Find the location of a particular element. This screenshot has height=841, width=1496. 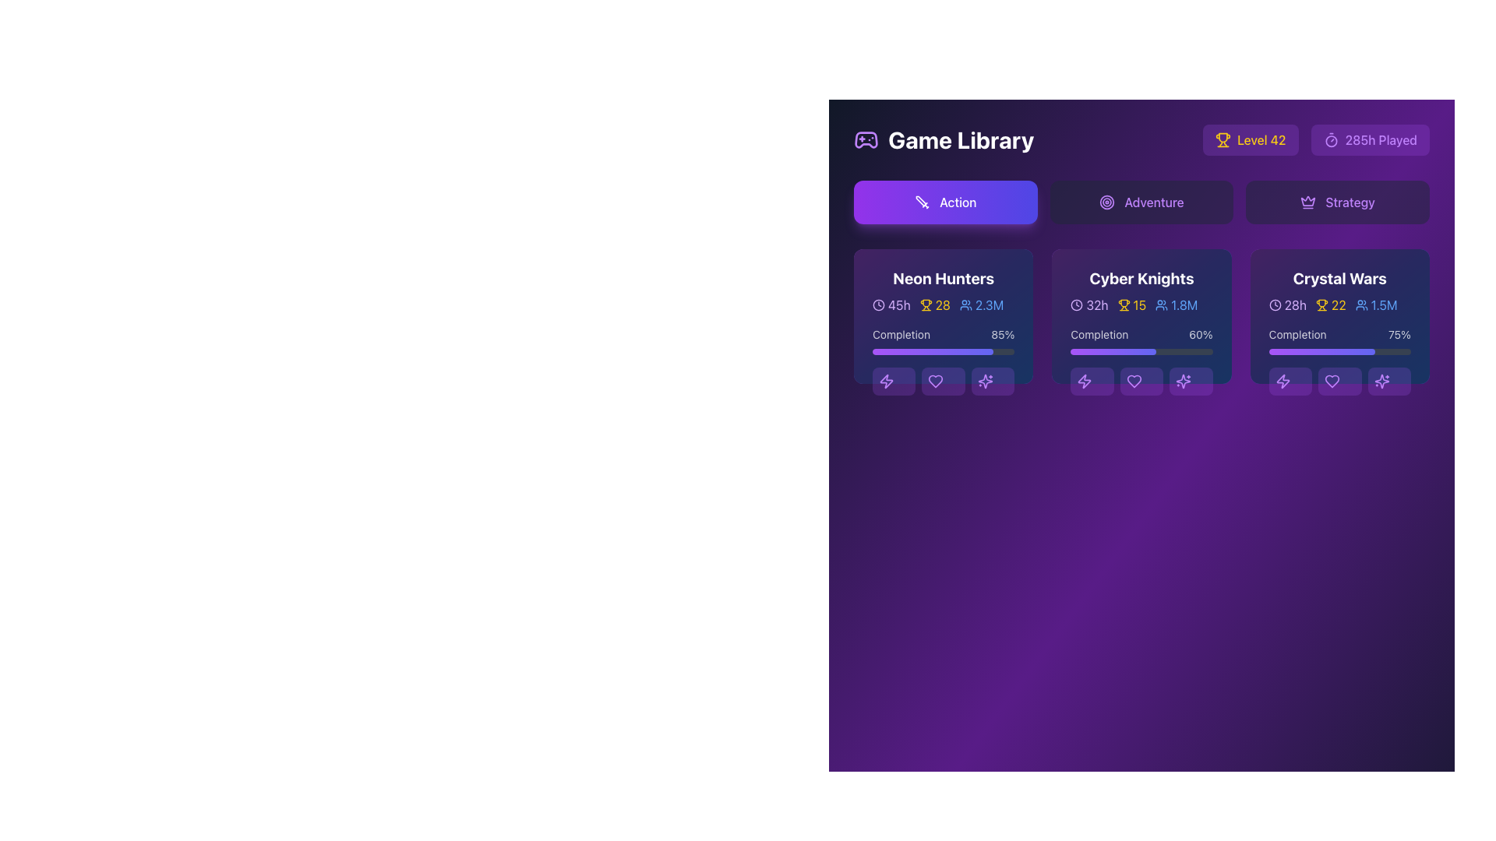

the purple circular target-shaped icon located to the left of the 'Adventure' button in the Game Library interface is located at coordinates (1106, 201).